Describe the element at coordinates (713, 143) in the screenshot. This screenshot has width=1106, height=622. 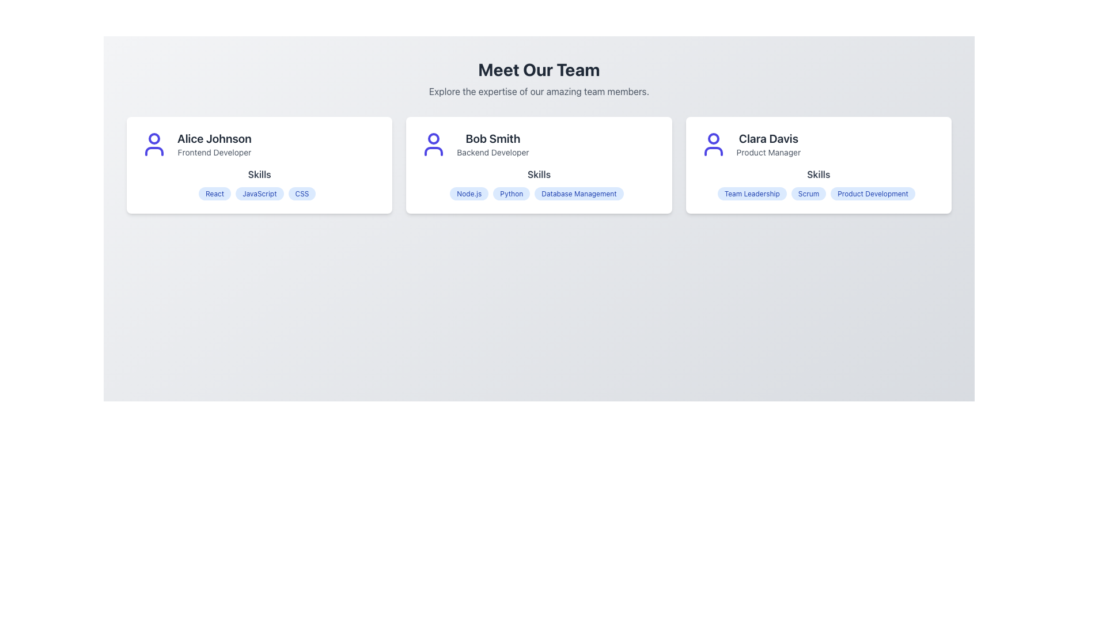
I see `the user icon with a rounded head and curved shoulder outline, rendered in indigo color, located at the top-left corner of the rightmost card in a row of three cards` at that location.